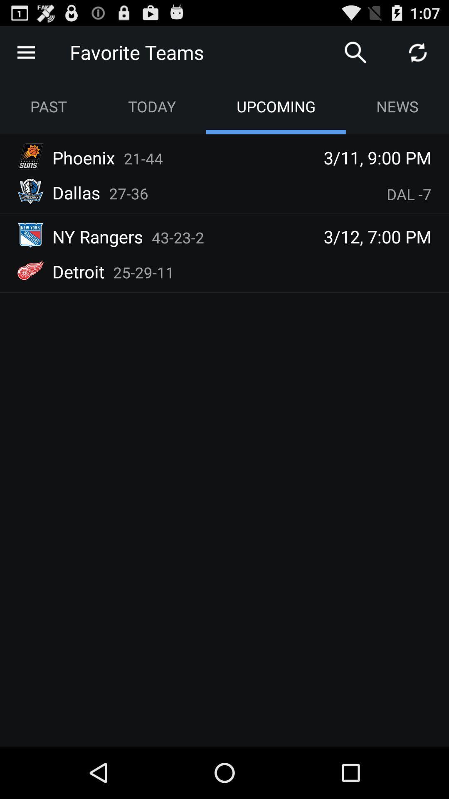 The image size is (449, 799). I want to click on the search icon, so click(355, 55).